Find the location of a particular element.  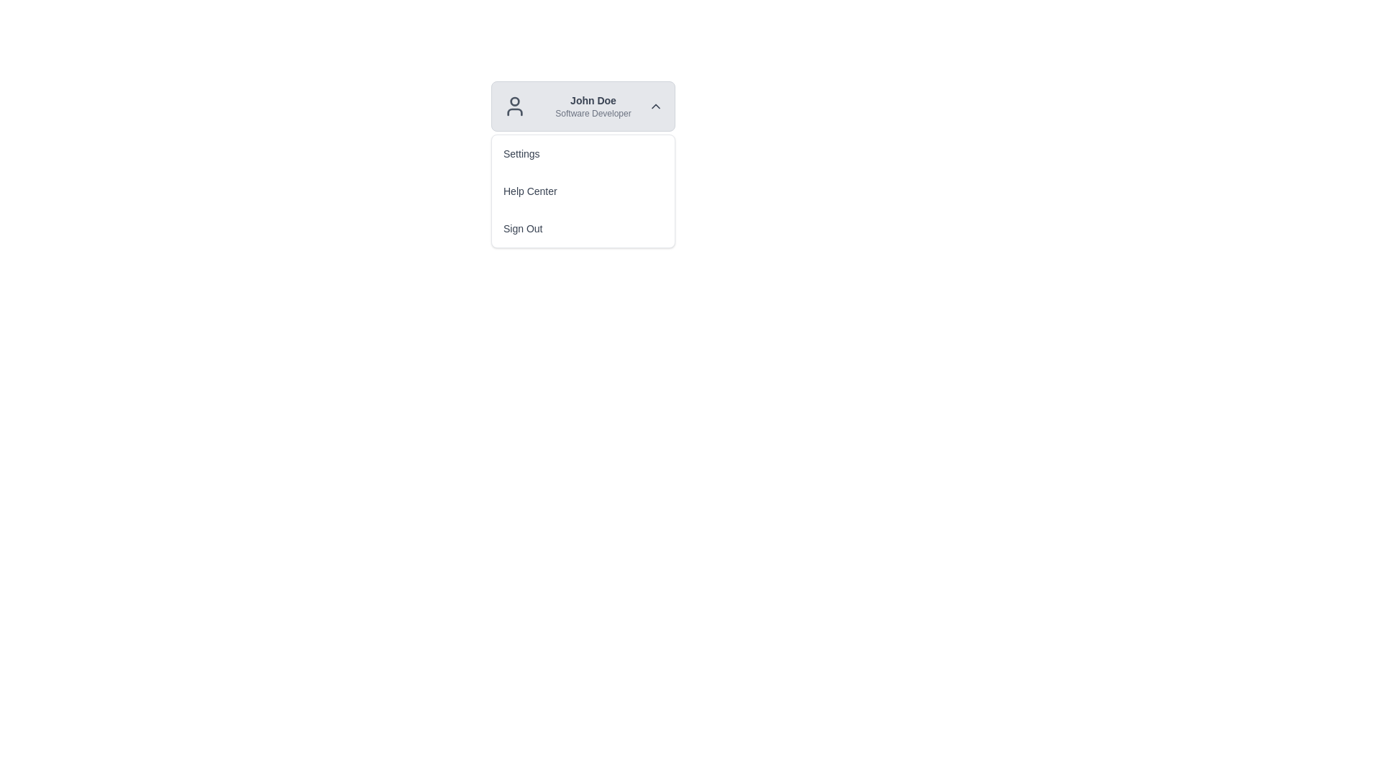

the static text display showing 'John Doe' and 'Software Developer', located in the upper part of the dropdown menu structure is located at coordinates (593, 105).